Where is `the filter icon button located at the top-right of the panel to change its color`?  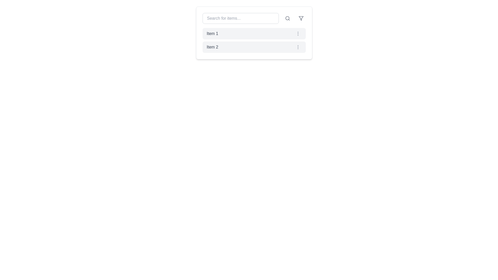
the filter icon button located at the top-right of the panel to change its color is located at coordinates (301, 18).